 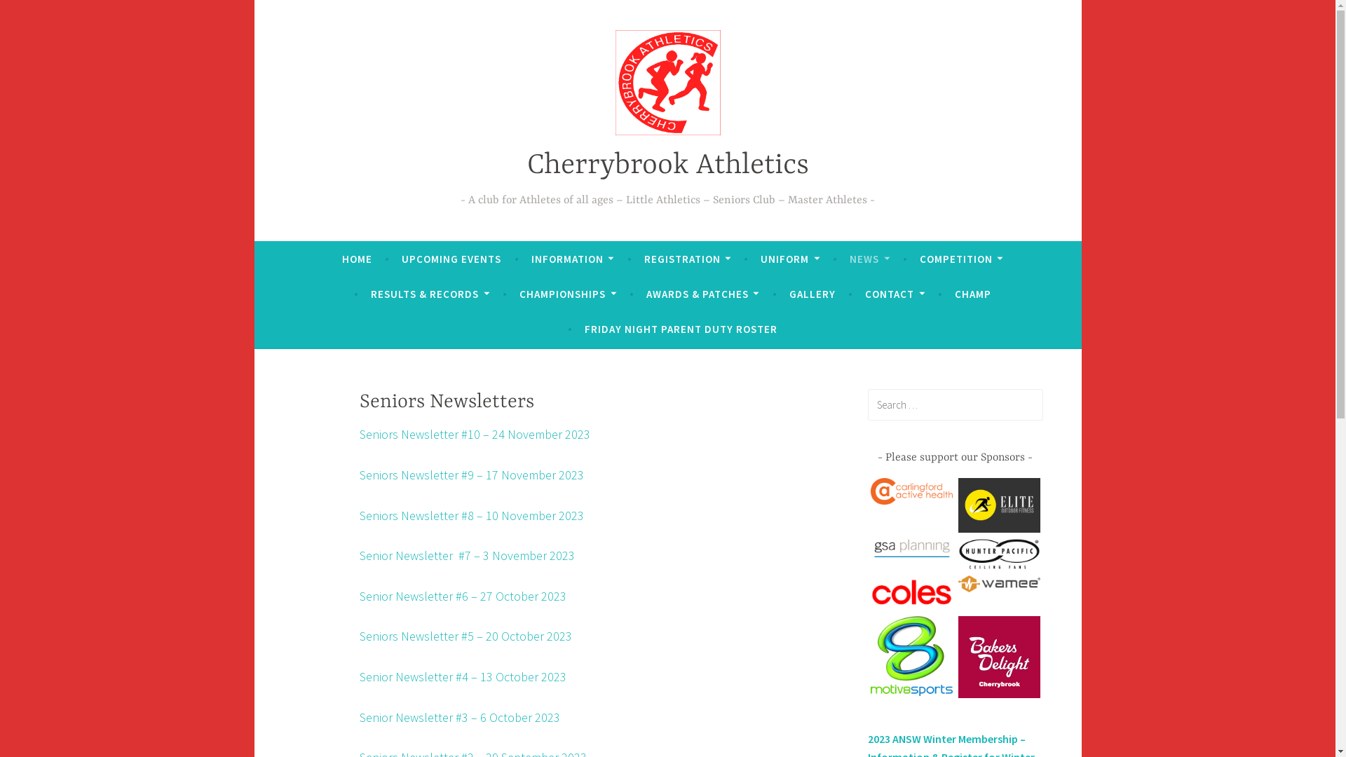 I want to click on 'RESULTS & RECORDS', so click(x=429, y=294).